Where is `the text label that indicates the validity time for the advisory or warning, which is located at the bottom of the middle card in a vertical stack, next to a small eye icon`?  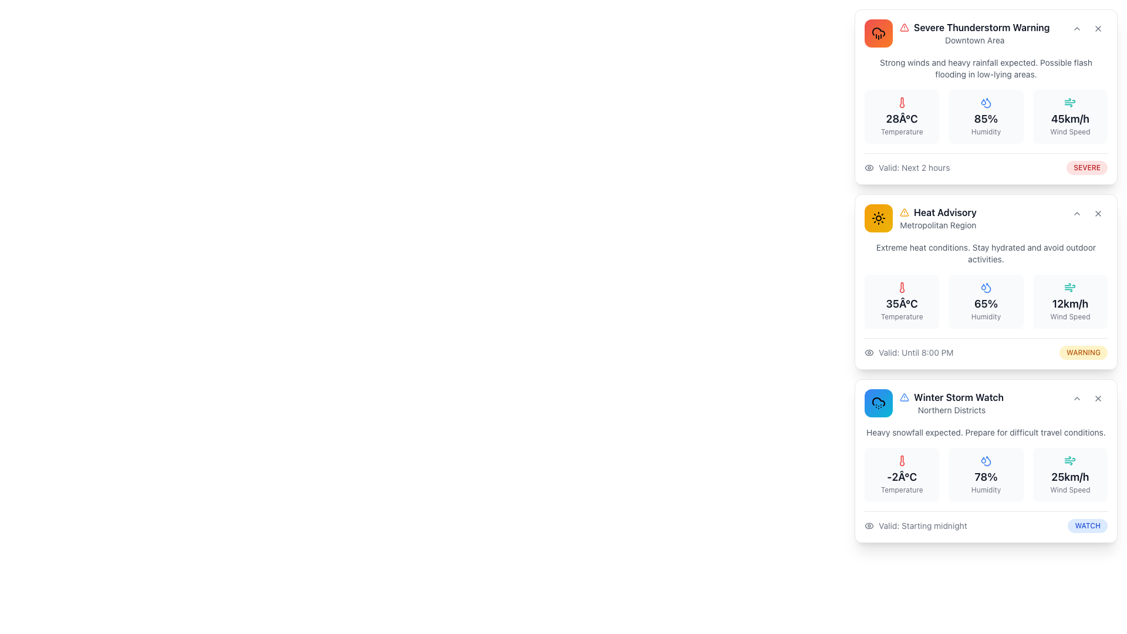 the text label that indicates the validity time for the advisory or warning, which is located at the bottom of the middle card in a vertical stack, next to a small eye icon is located at coordinates (915, 352).